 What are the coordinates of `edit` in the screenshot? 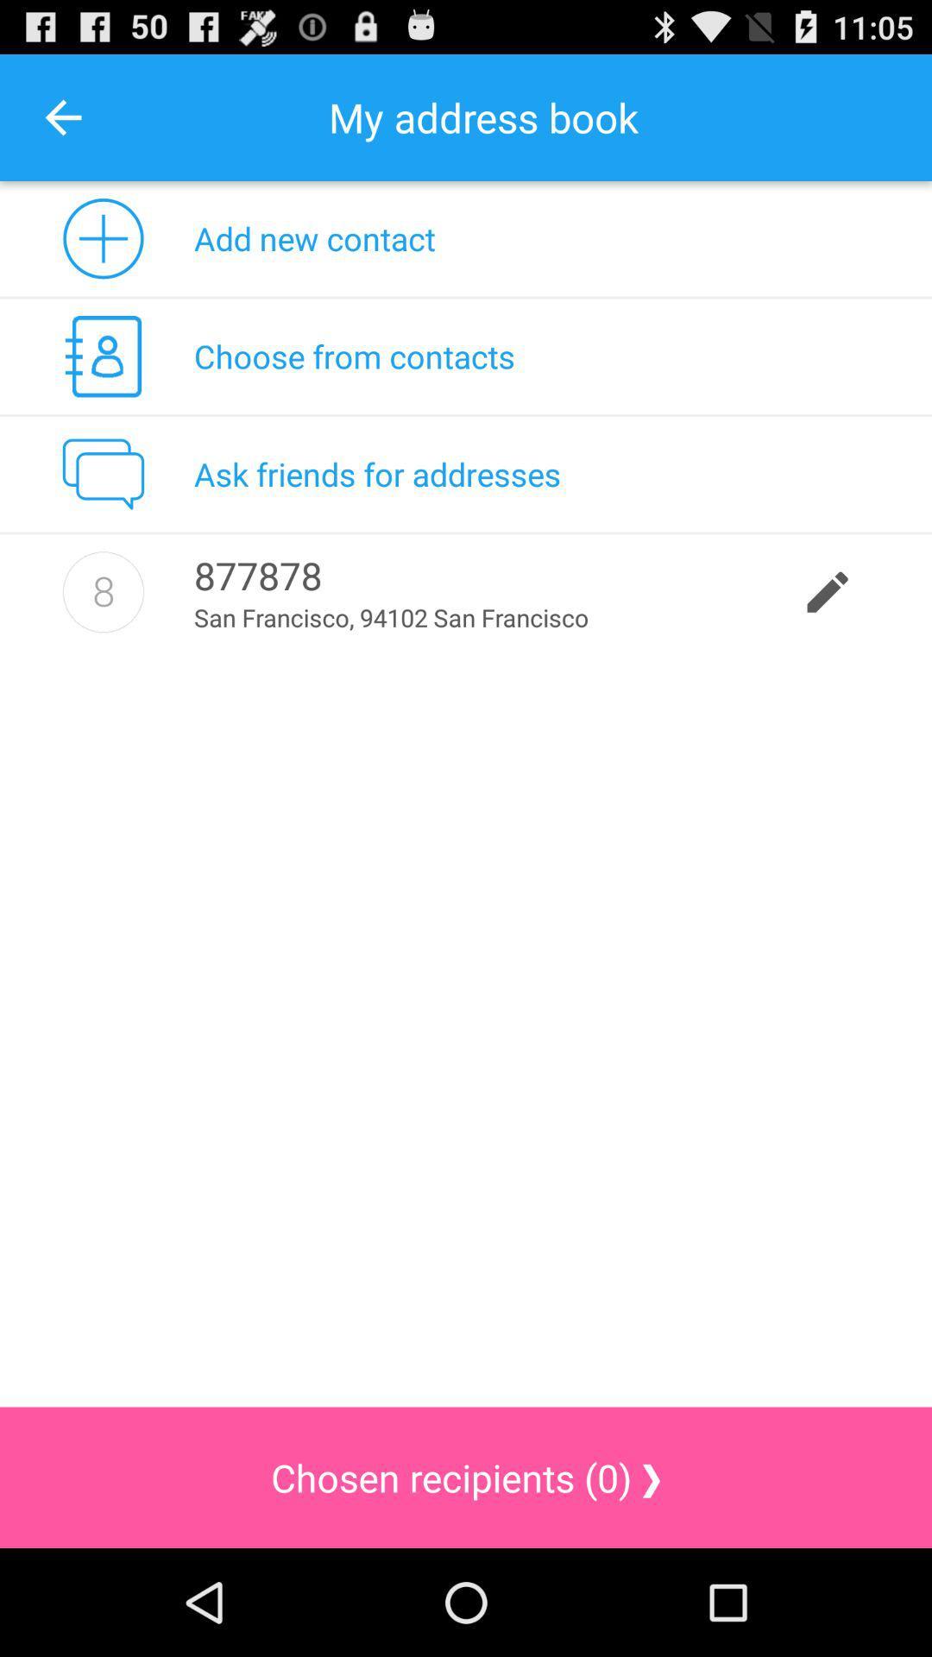 It's located at (103, 592).